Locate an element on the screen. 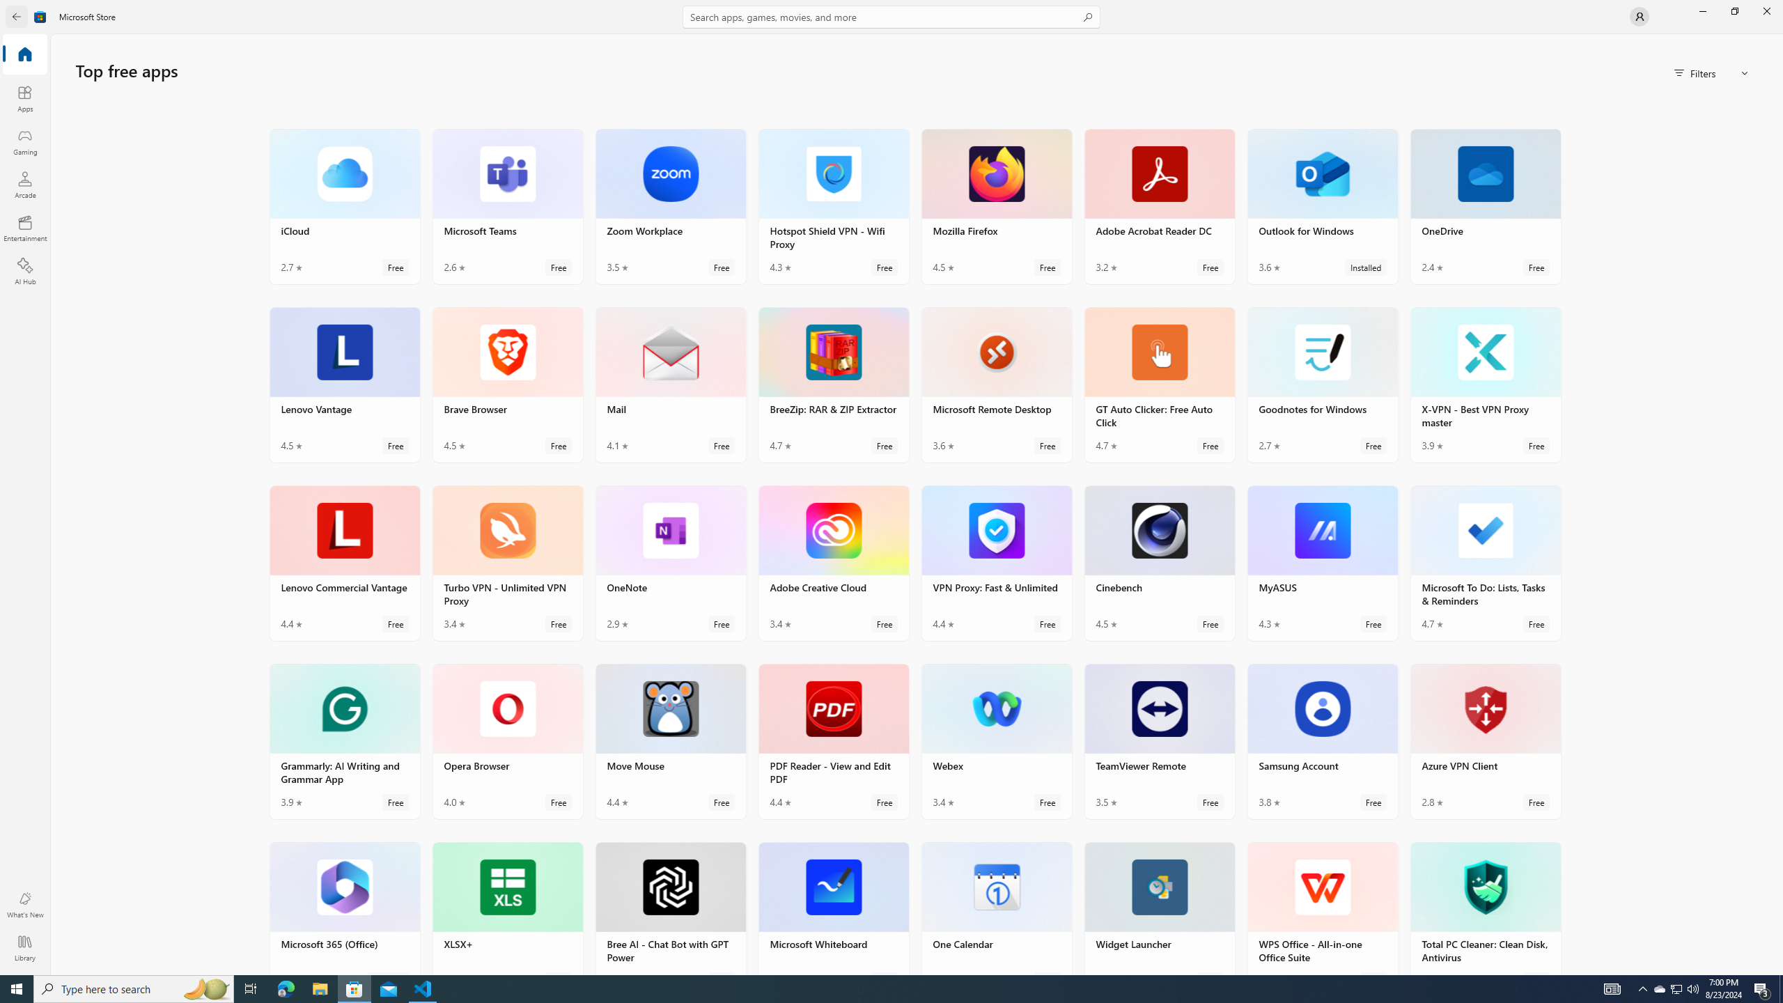 The height and width of the screenshot is (1003, 1783). 'Filters' is located at coordinates (1711, 72).